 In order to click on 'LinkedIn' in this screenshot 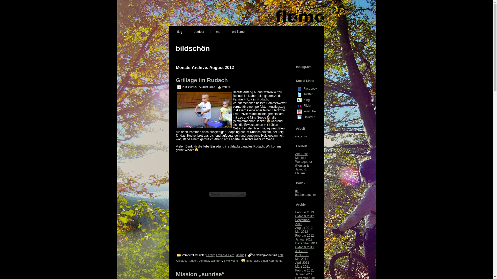, I will do `click(310, 117)`.